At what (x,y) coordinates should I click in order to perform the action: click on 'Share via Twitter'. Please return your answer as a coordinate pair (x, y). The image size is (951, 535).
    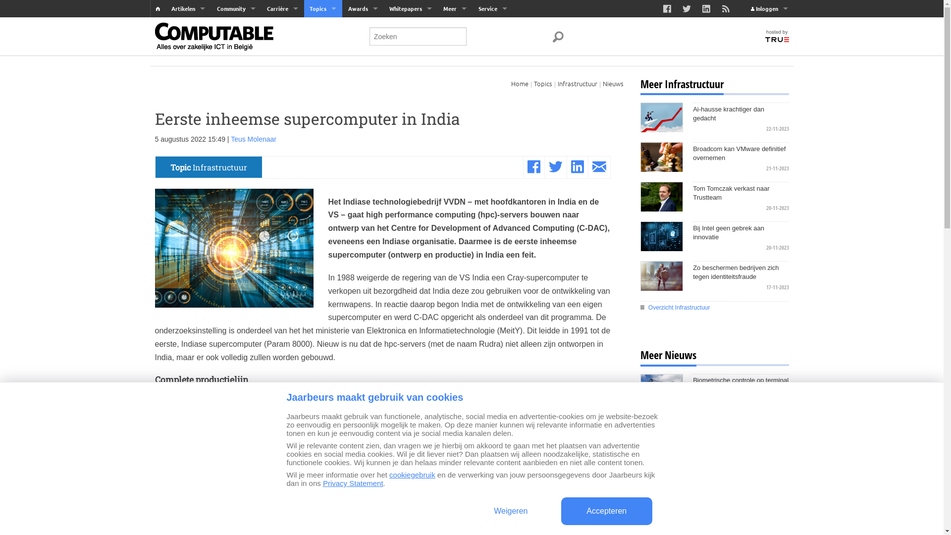
    Looking at the image, I should click on (548, 166).